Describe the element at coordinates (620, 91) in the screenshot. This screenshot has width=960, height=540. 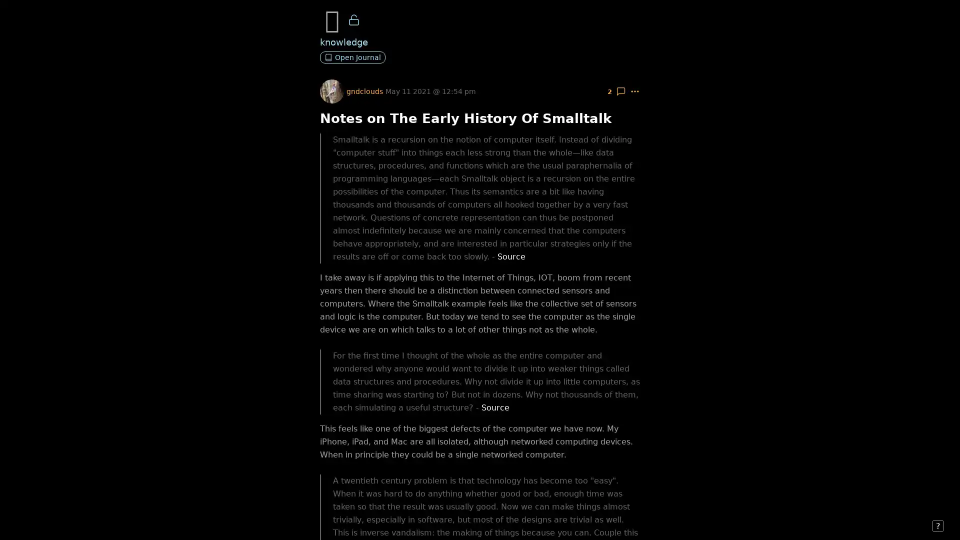
I see `Show in Detail` at that location.